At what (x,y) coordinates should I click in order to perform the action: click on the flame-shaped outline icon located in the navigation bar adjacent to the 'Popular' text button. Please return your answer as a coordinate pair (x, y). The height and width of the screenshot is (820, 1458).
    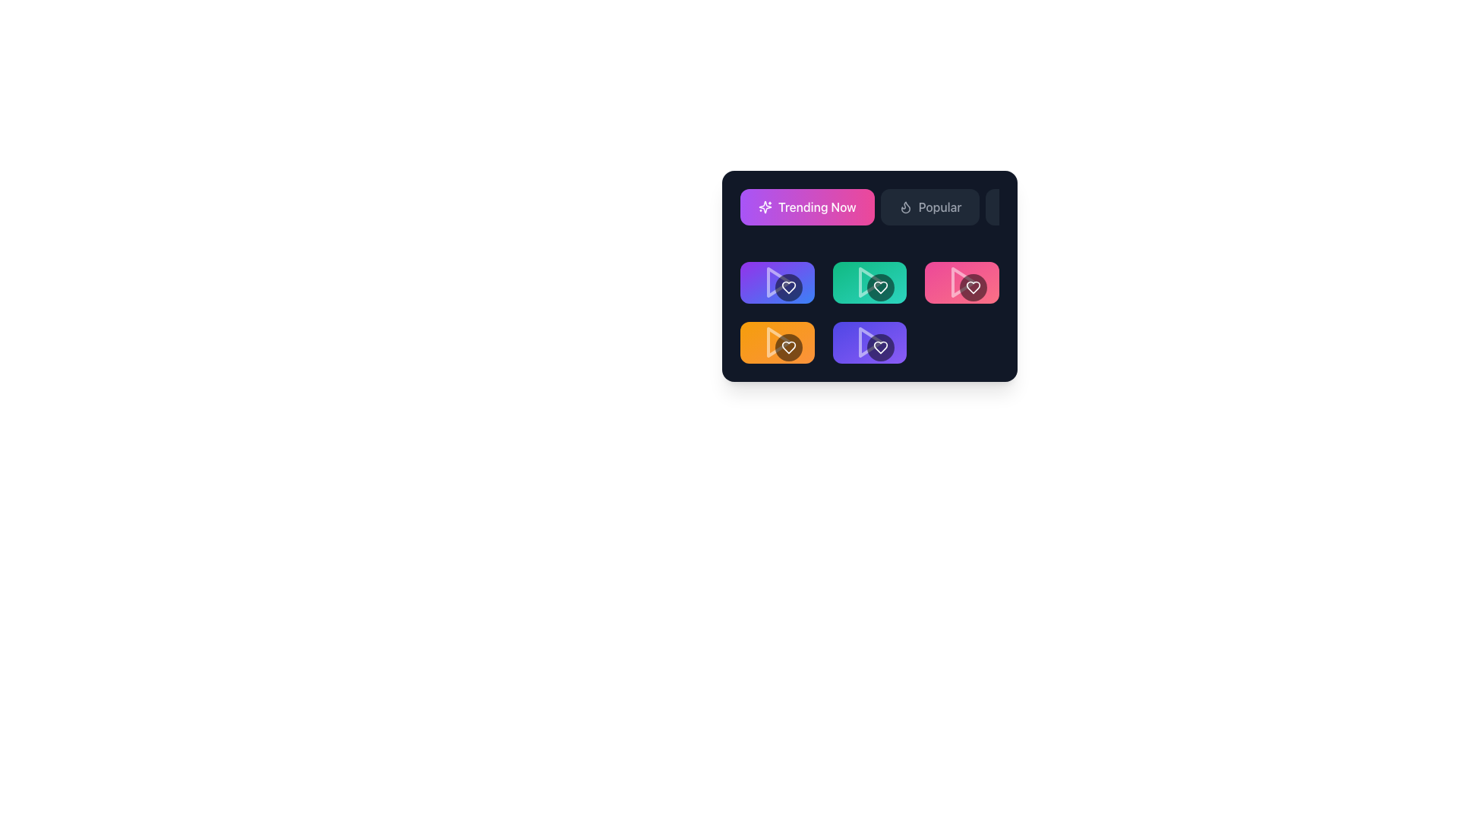
    Looking at the image, I should click on (905, 207).